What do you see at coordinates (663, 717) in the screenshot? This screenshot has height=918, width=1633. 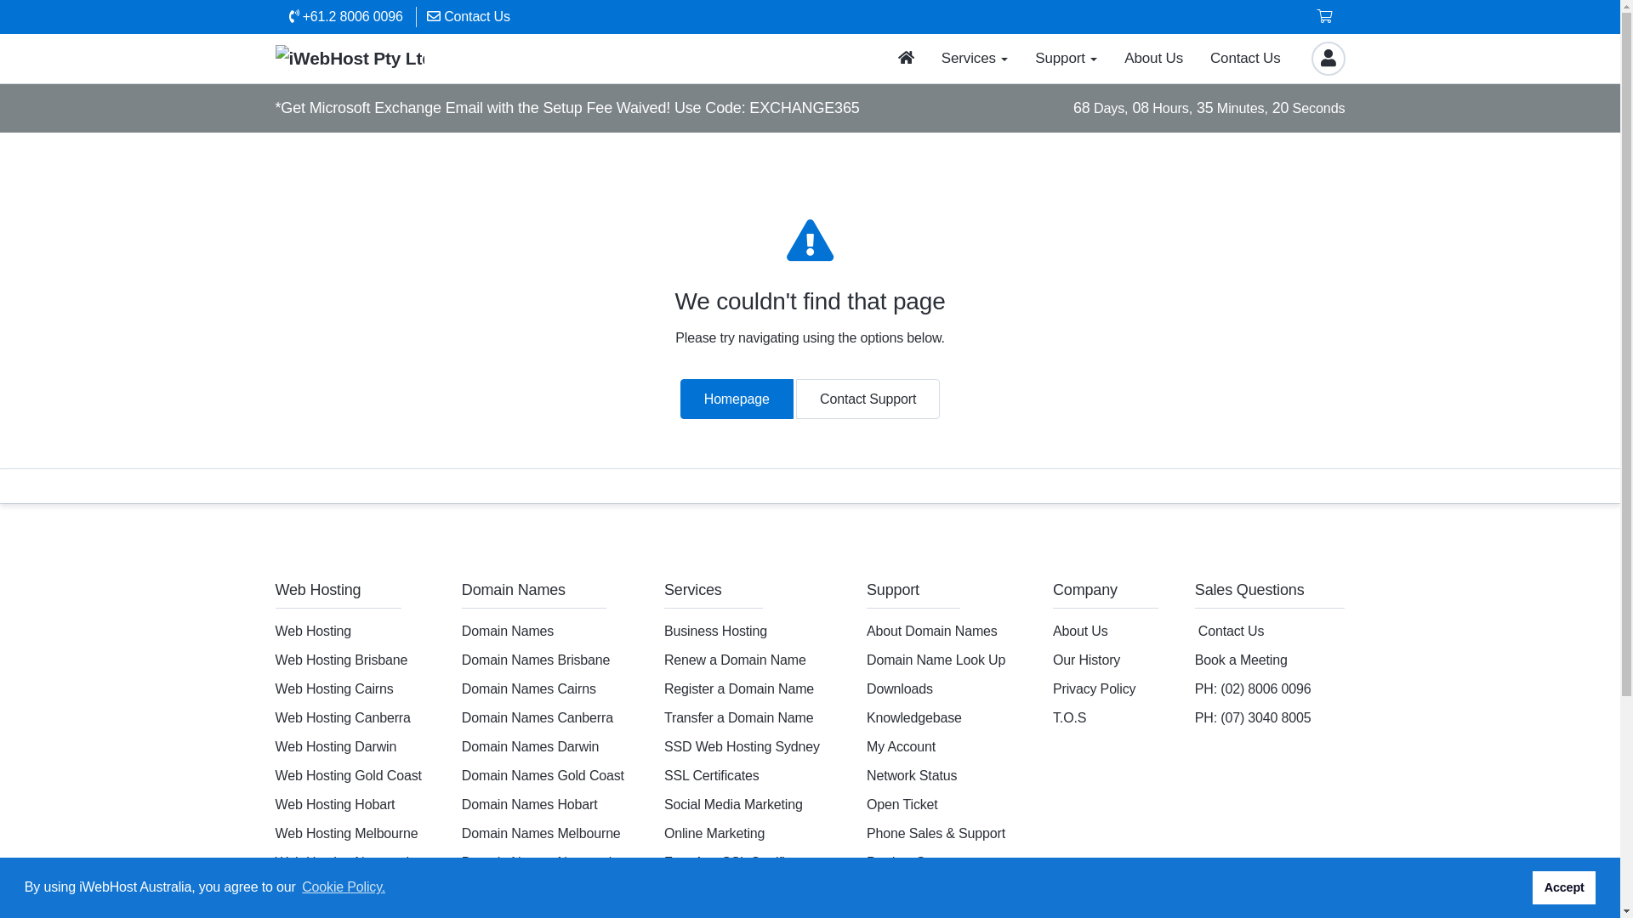 I see `'Transfer a Domain Name'` at bounding box center [663, 717].